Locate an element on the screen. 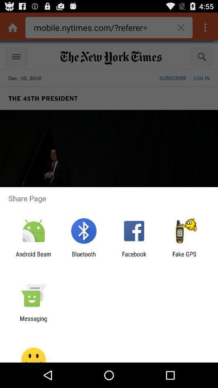 The image size is (218, 388). the app to the right of android beam icon is located at coordinates (83, 257).